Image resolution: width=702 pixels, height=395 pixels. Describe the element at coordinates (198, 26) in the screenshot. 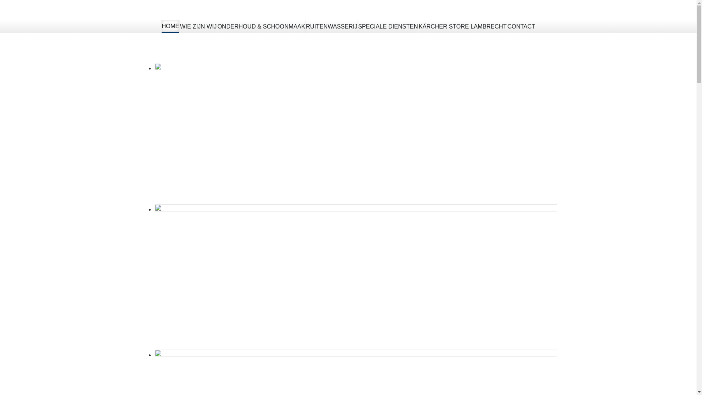

I see `'WIE ZIJN WIJ'` at that location.